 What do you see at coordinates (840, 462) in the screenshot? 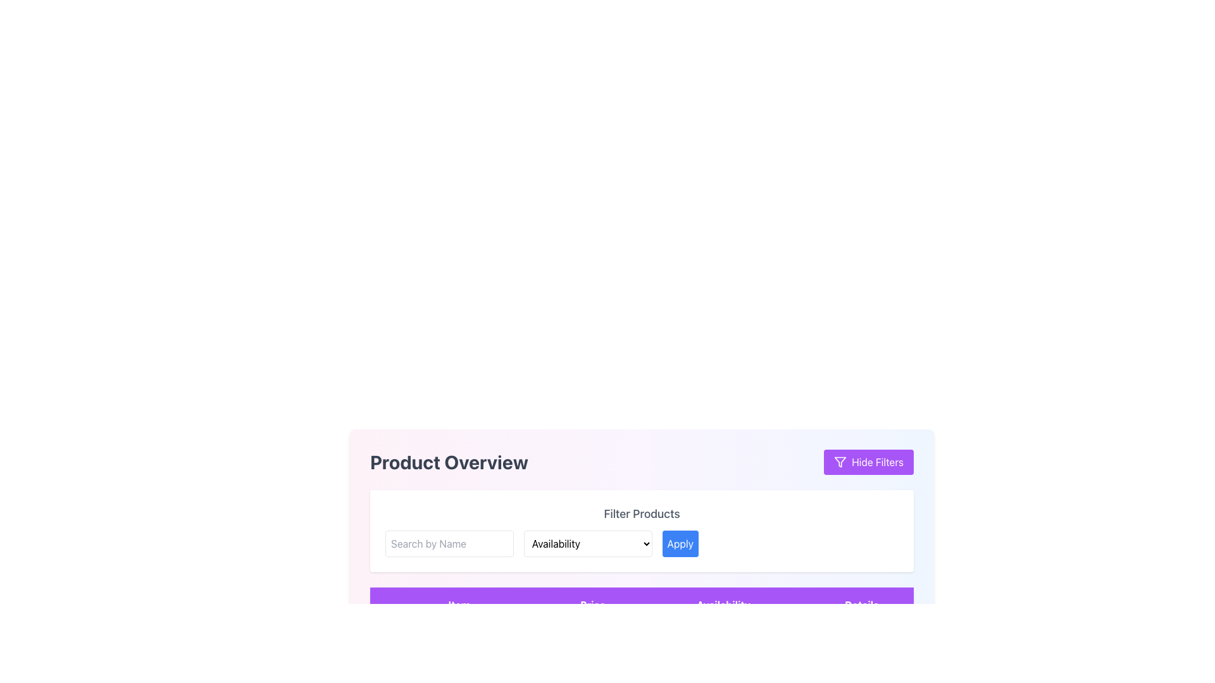
I see `the filter funnel icon, which is part of the 'Hide Filters' button located in the top-right corner of the interface` at bounding box center [840, 462].